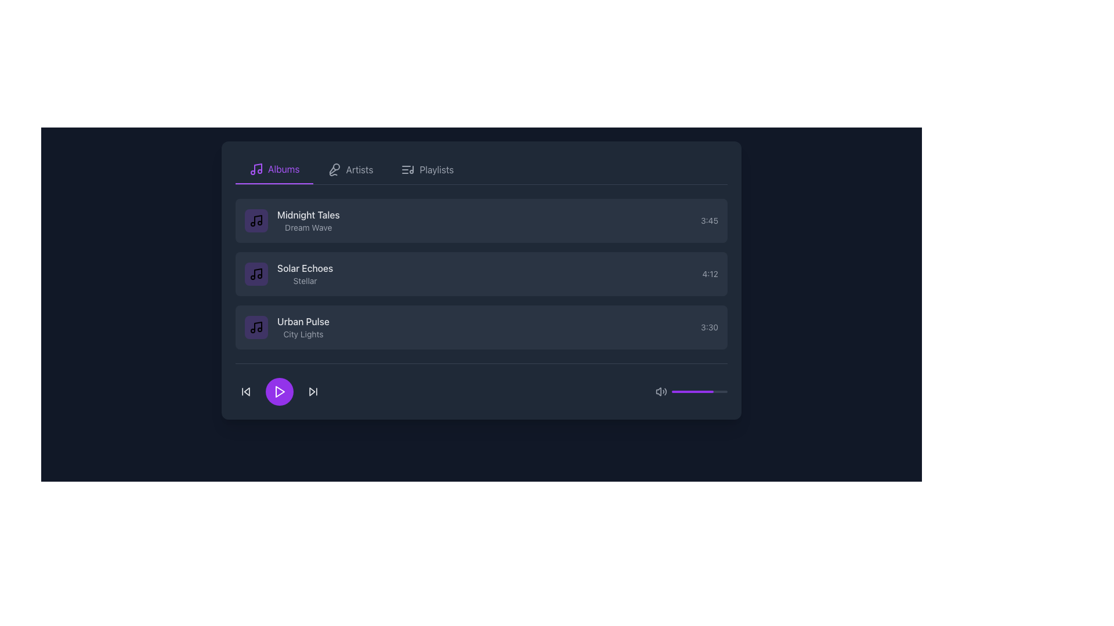  Describe the element at coordinates (255, 274) in the screenshot. I see `the musical note icon that is centrally located within a square purple background box, the first icon listed under 'Albums'` at that location.